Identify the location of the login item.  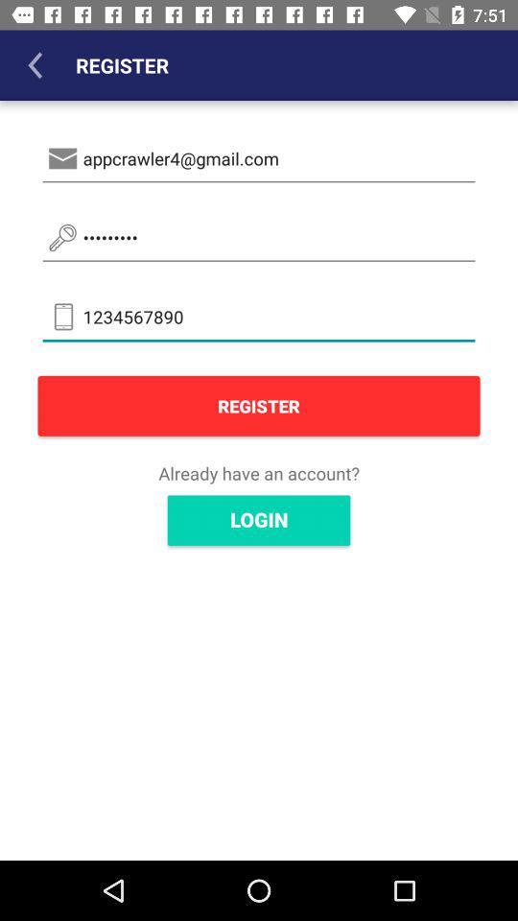
(259, 520).